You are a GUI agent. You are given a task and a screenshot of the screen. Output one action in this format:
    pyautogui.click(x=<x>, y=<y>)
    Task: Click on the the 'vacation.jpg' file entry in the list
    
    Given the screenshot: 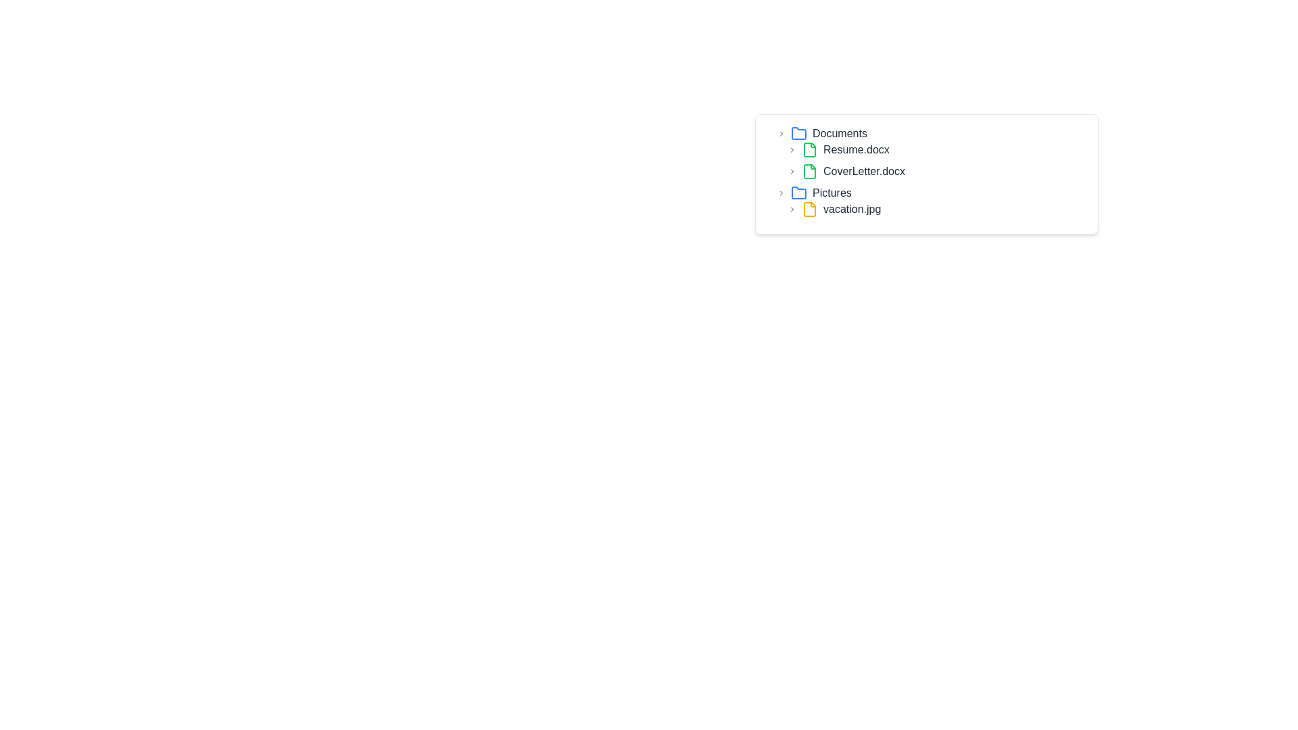 What is the action you would take?
    pyautogui.click(x=937, y=209)
    